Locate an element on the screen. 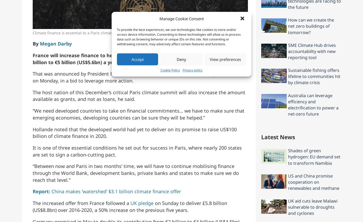 The height and width of the screenshot is (222, 363). 'Latest News' is located at coordinates (278, 137).